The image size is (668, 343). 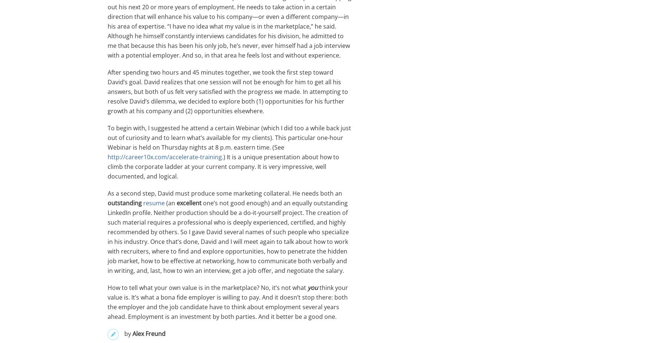 What do you see at coordinates (312, 287) in the screenshot?
I see `'you'` at bounding box center [312, 287].